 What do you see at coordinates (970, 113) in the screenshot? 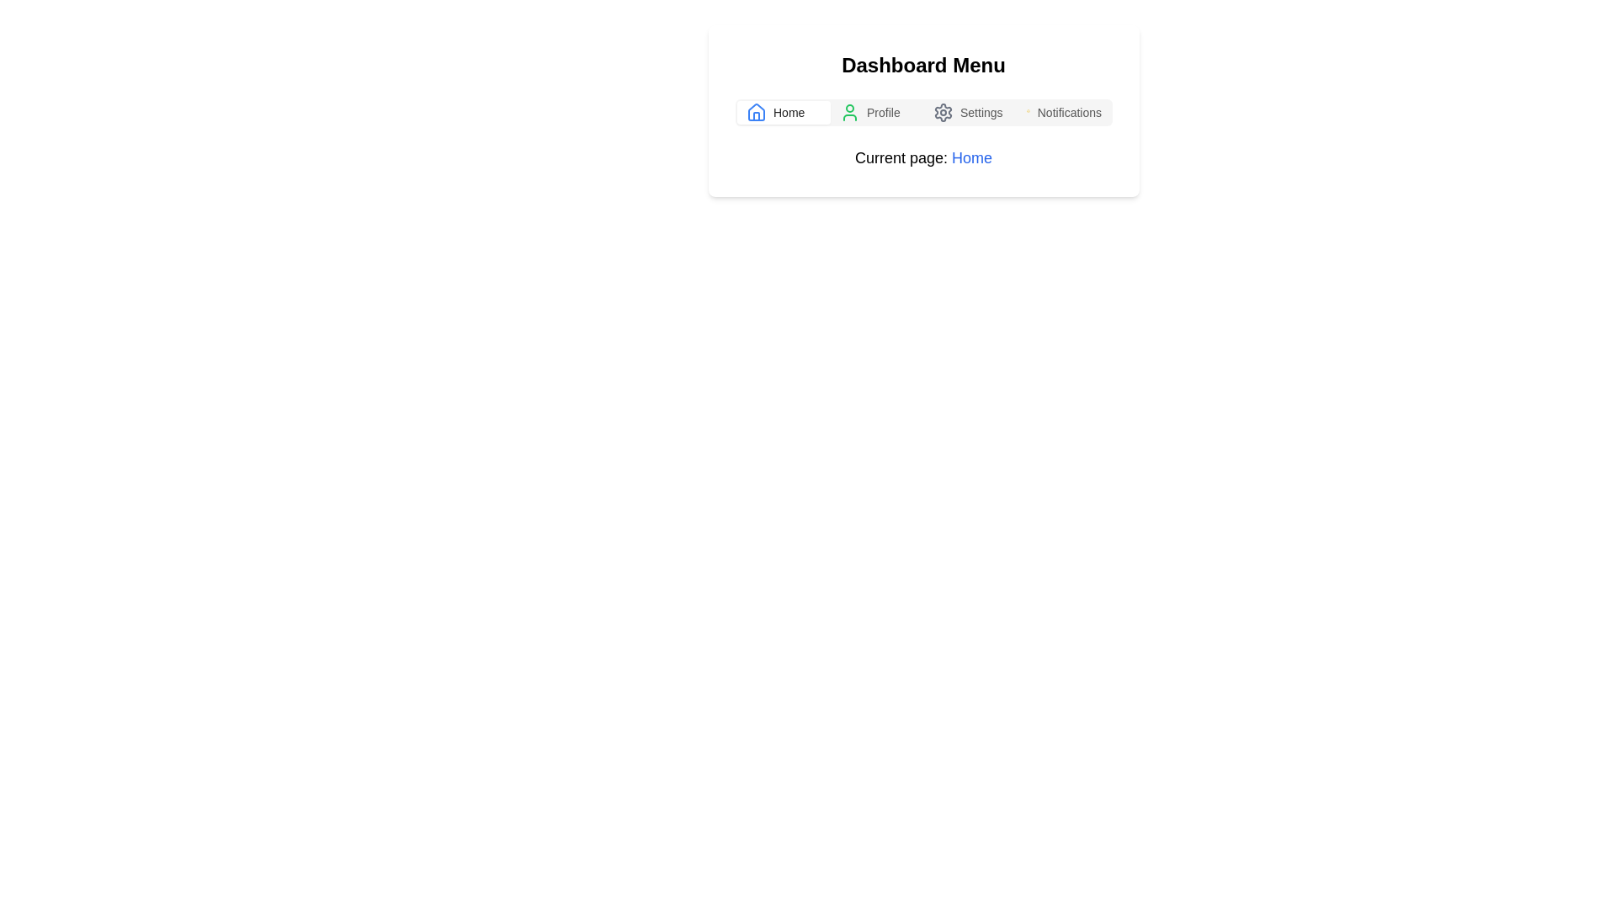
I see `the third item in the horizontal navigation bar labeled 'Settings' beneath 'Dashboard Menu'` at bounding box center [970, 113].